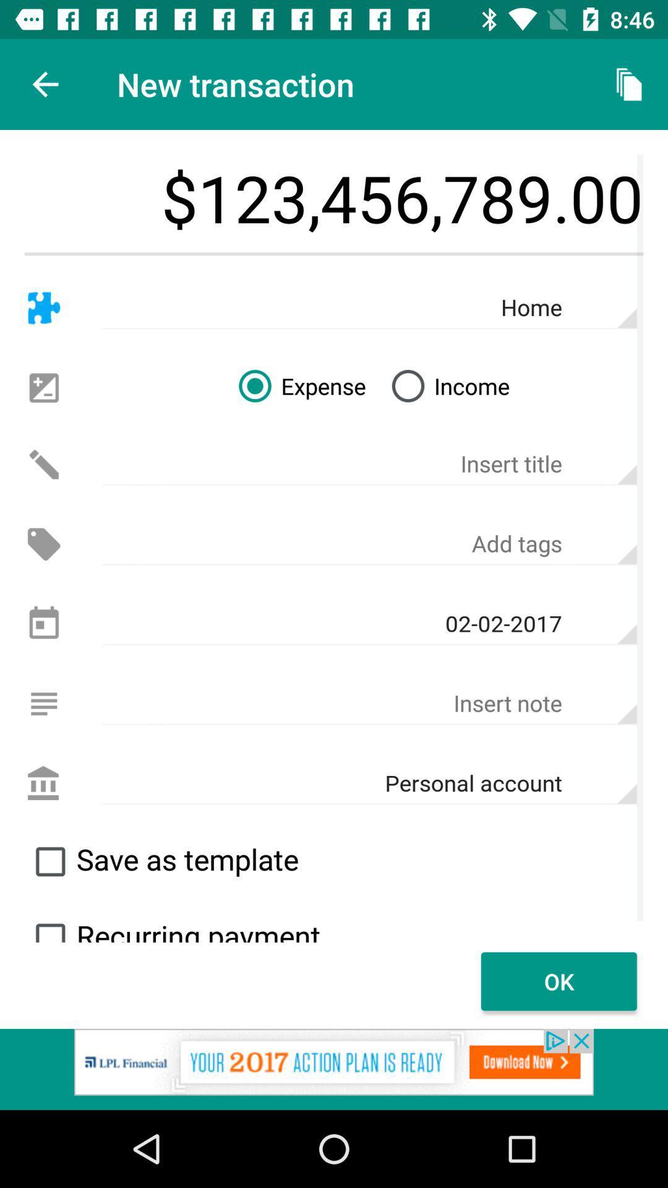 This screenshot has height=1188, width=668. I want to click on click on checkbox, so click(49, 861).